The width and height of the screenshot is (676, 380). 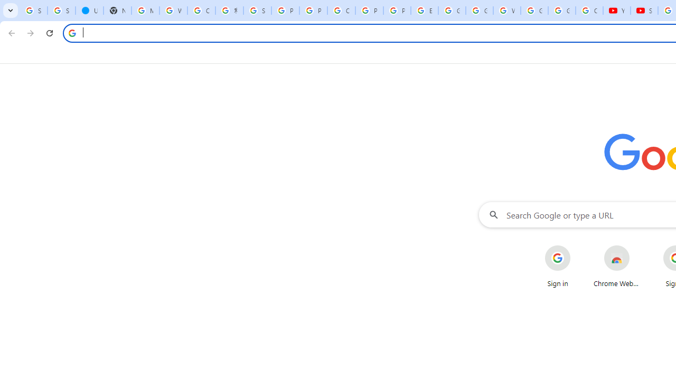 I want to click on 'Sign in - Google Accounts', so click(x=61, y=11).